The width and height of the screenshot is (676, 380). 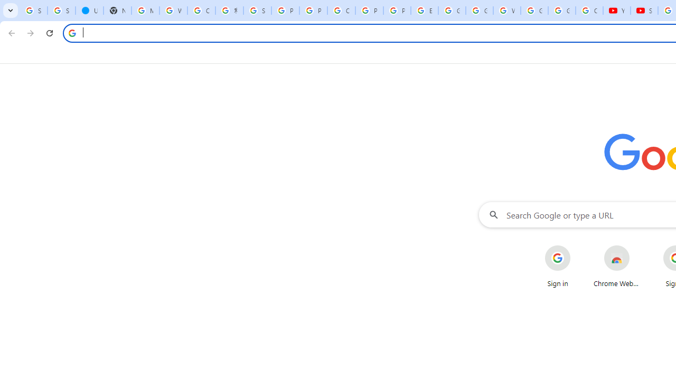 I want to click on 'Sign in - Google Accounts', so click(x=61, y=11).